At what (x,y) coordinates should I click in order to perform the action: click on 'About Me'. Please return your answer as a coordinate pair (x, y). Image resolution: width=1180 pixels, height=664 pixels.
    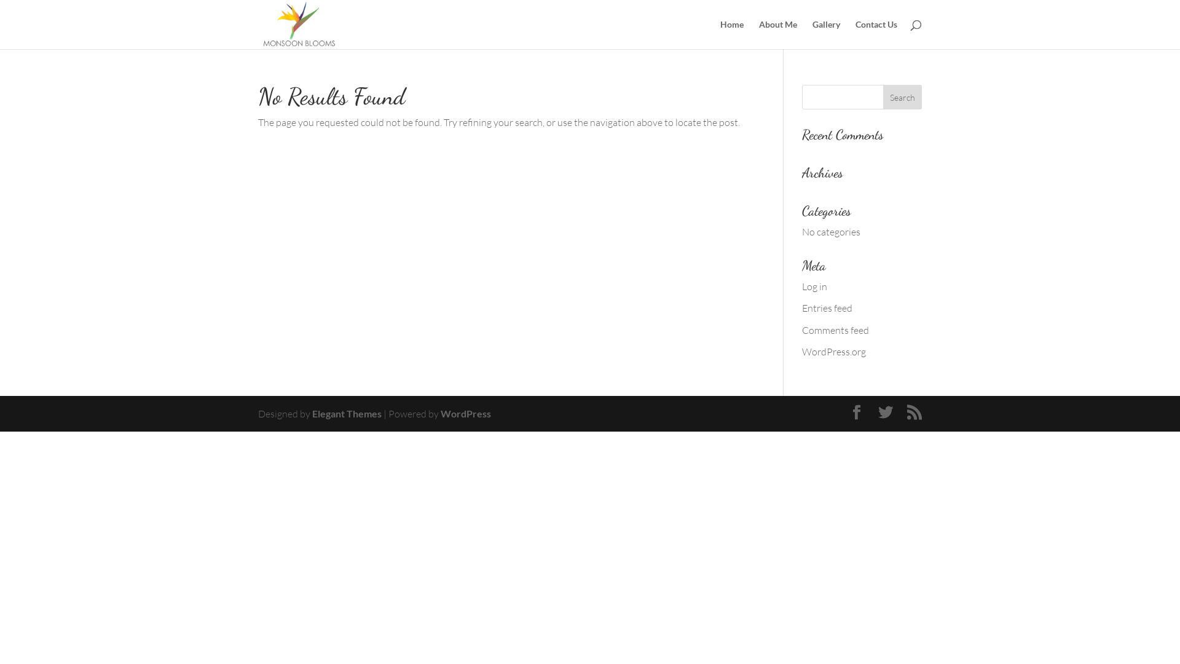
    Looking at the image, I should click on (777, 34).